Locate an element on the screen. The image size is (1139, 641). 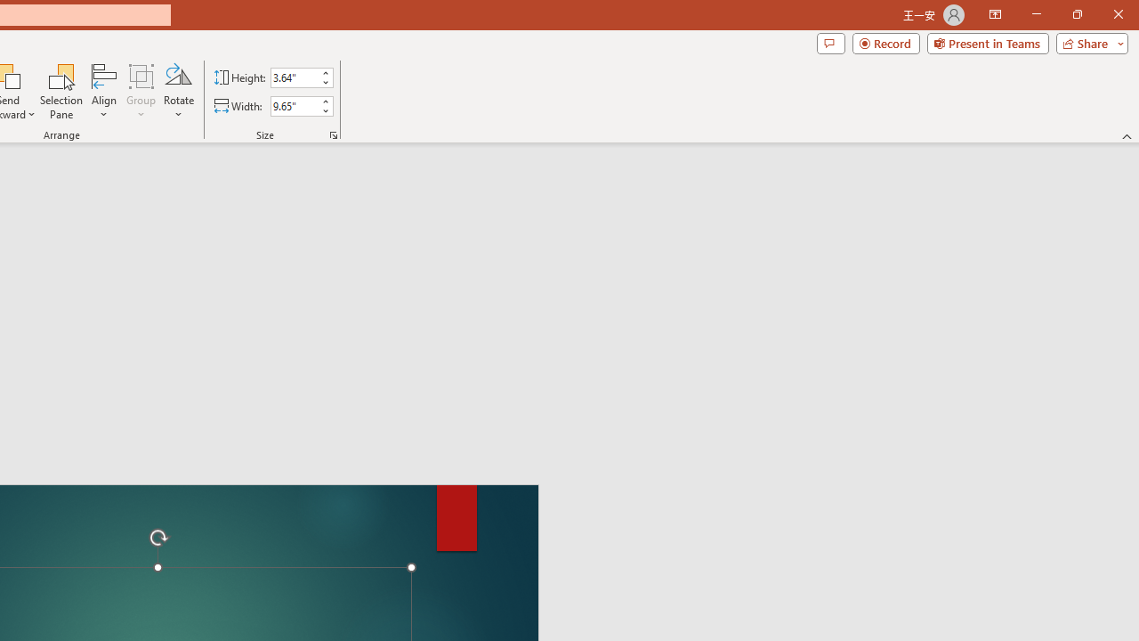
'Selection Pane...' is located at coordinates (61, 92).